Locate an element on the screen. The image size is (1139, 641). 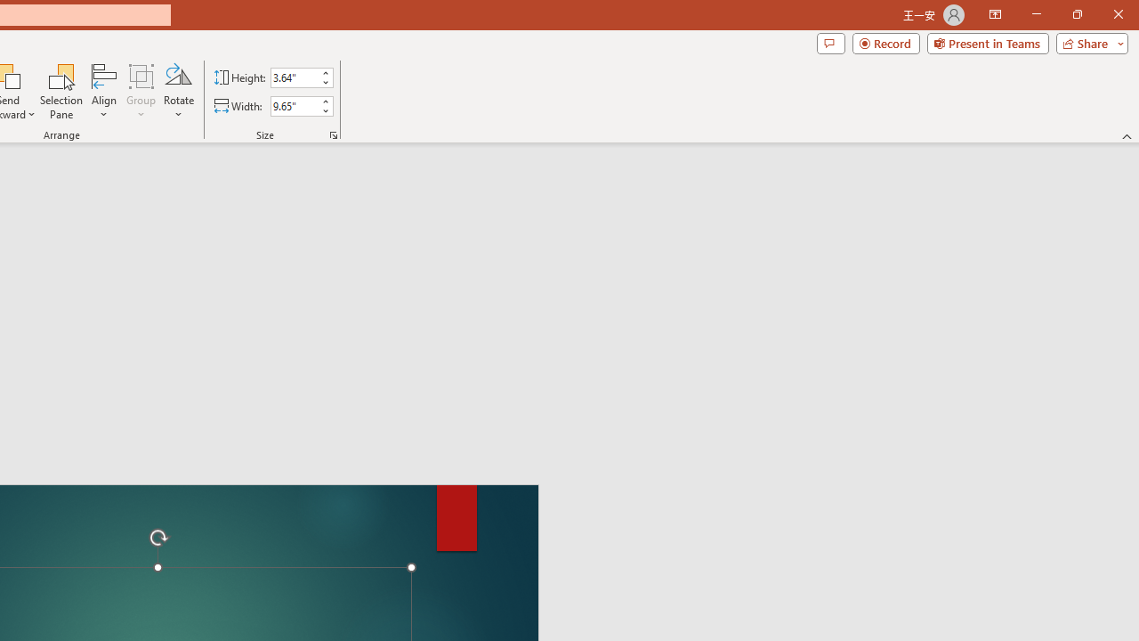
'Selection Pane...' is located at coordinates (61, 92).